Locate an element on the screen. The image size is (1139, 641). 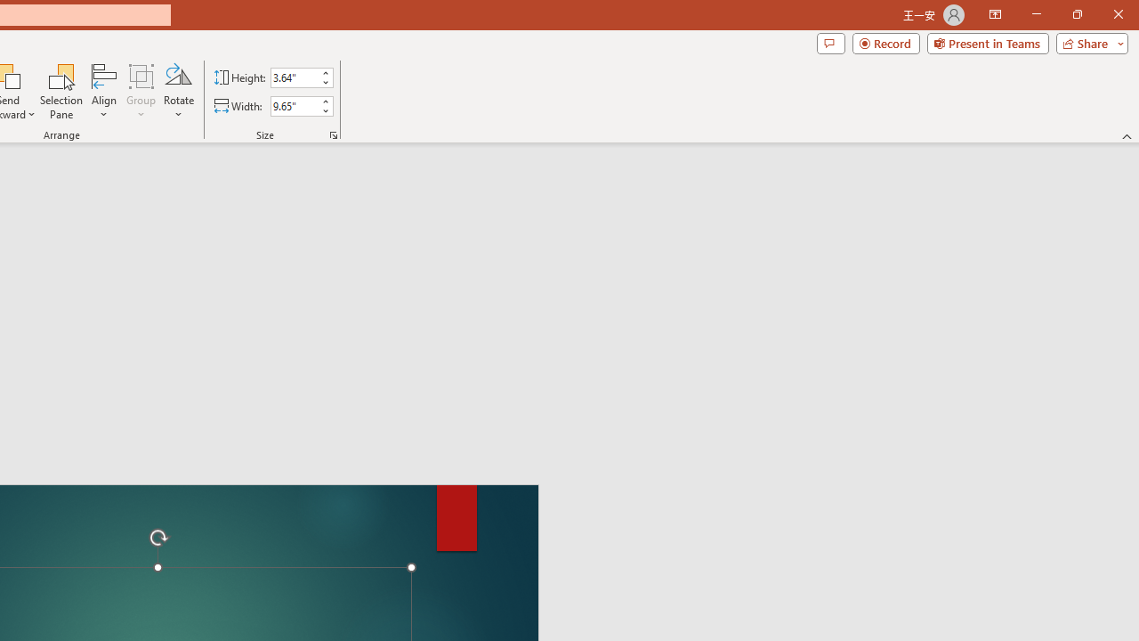
'Selection Pane...' is located at coordinates (61, 92).